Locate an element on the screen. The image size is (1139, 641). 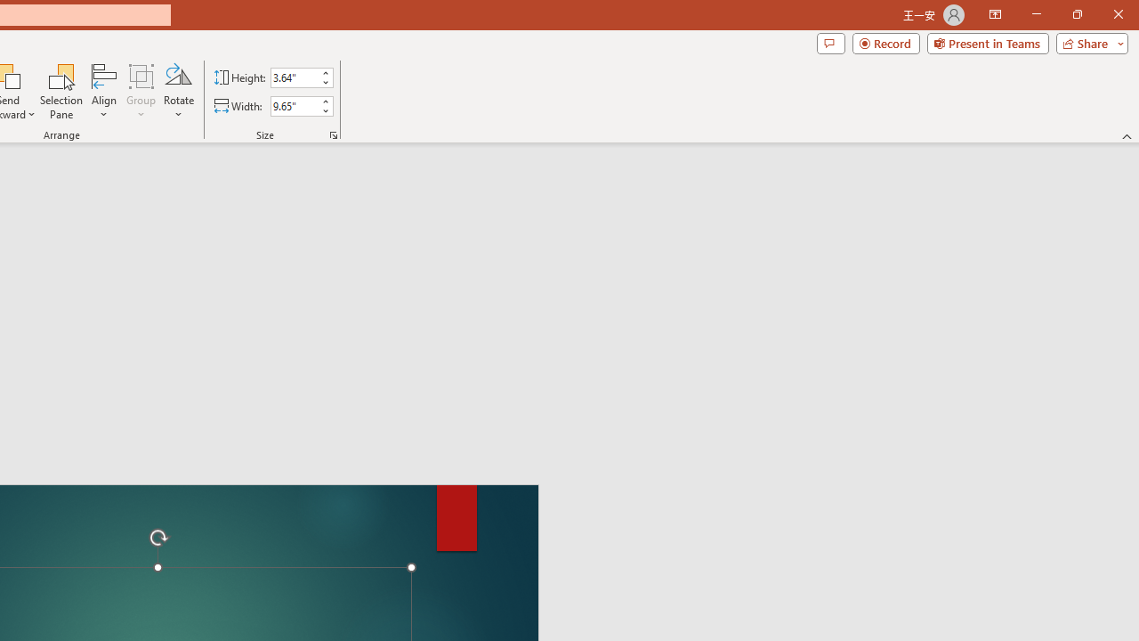
'Selection Pane...' is located at coordinates (61, 92).